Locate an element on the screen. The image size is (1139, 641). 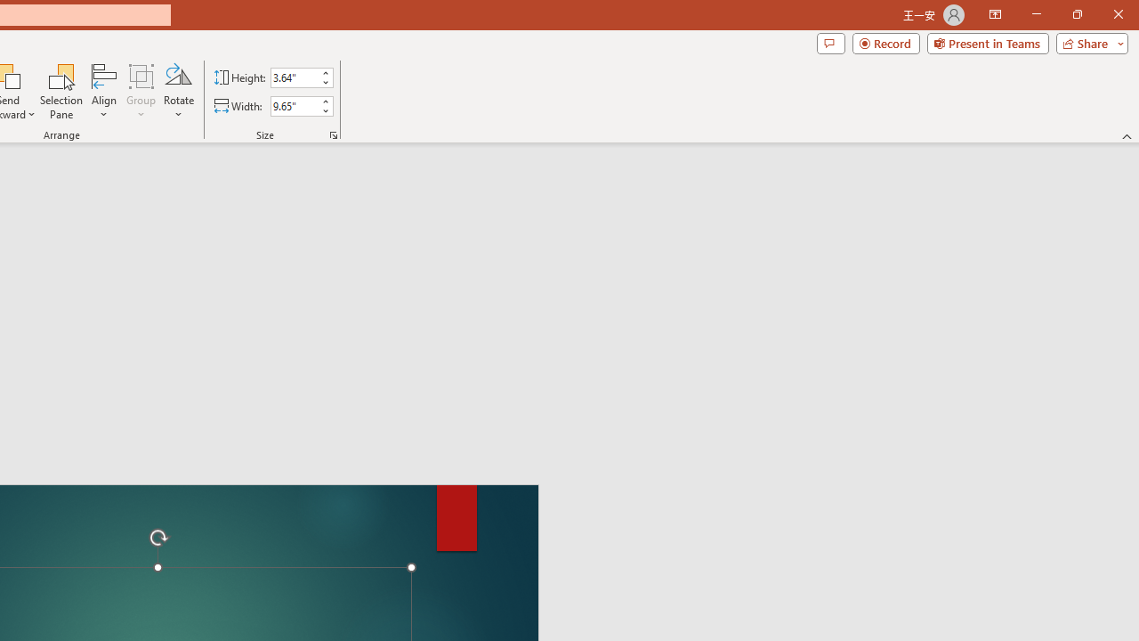
'Selection Pane...' is located at coordinates (61, 92).